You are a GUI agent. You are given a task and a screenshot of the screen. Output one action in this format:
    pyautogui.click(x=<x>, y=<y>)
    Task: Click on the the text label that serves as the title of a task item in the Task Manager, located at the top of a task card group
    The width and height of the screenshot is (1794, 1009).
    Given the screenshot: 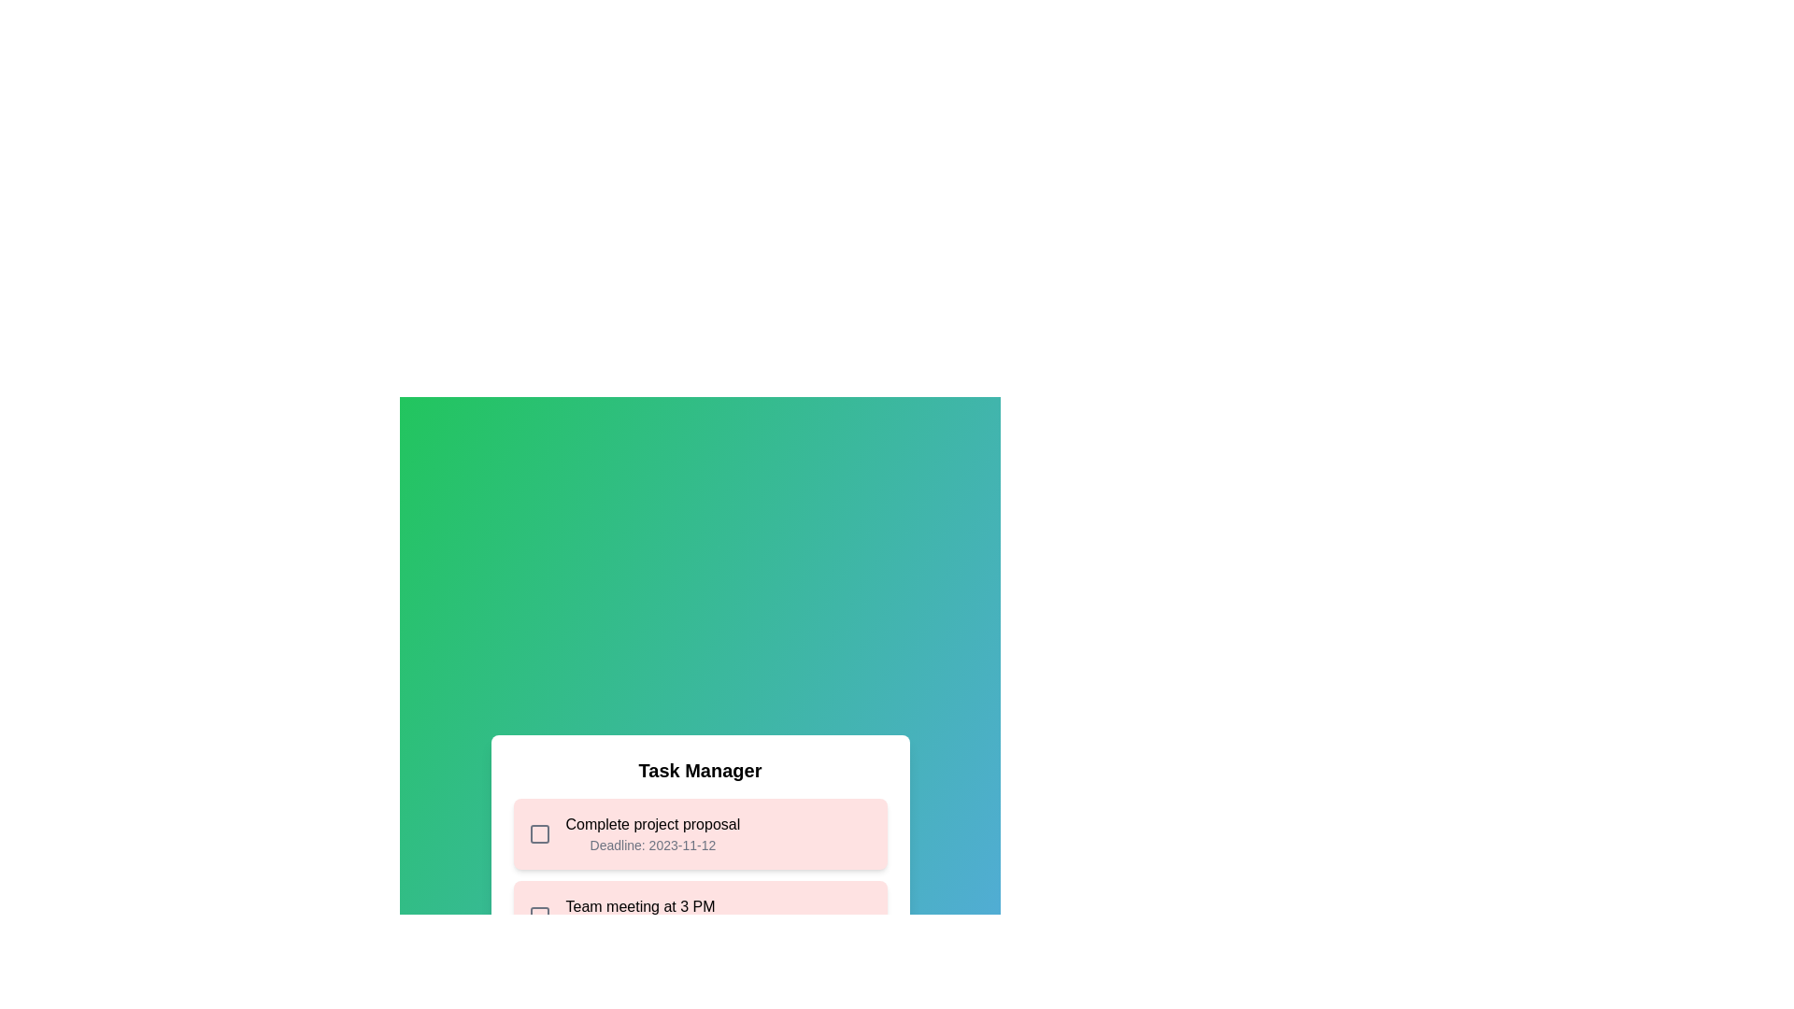 What is the action you would take?
    pyautogui.click(x=652, y=824)
    